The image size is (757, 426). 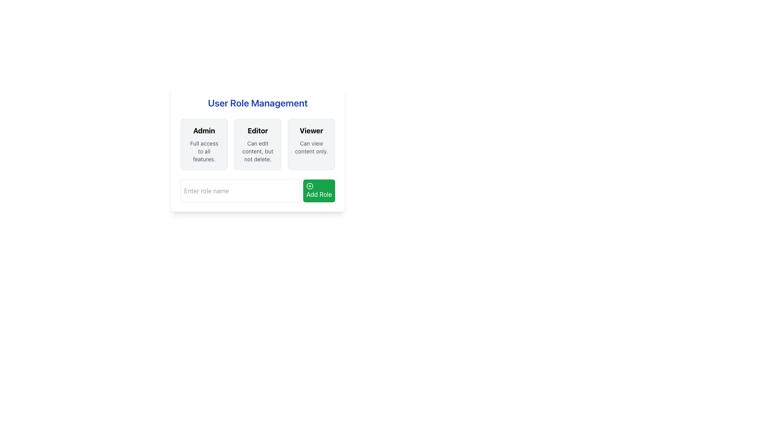 What do you see at coordinates (204, 130) in the screenshot?
I see `text content of the Text Label identifying the 'Admin' role, which is positioned at the top of a bordered and rounded rectangular section` at bounding box center [204, 130].